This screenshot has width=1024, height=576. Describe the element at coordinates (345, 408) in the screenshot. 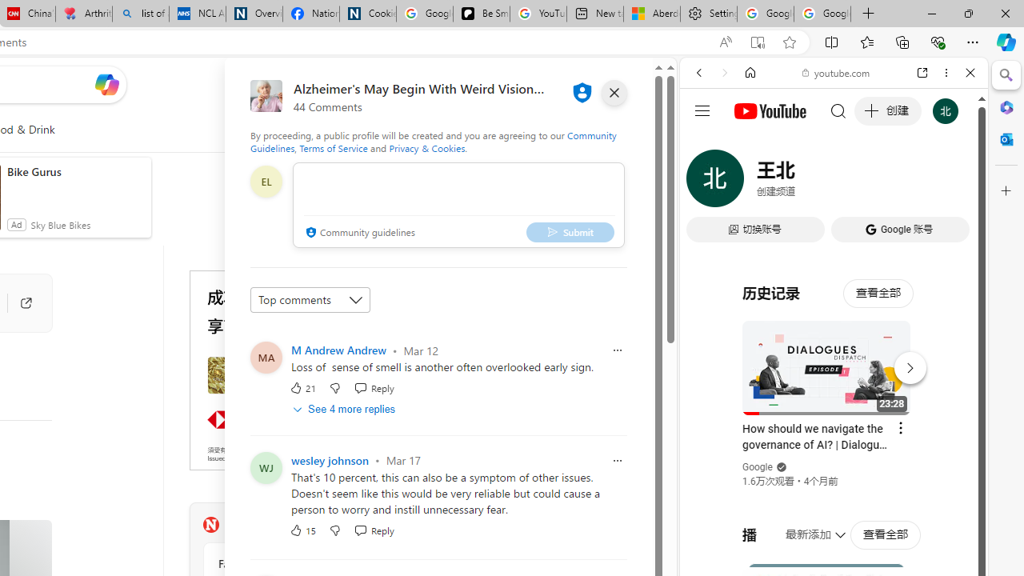

I see `'See 4 more replies'` at that location.